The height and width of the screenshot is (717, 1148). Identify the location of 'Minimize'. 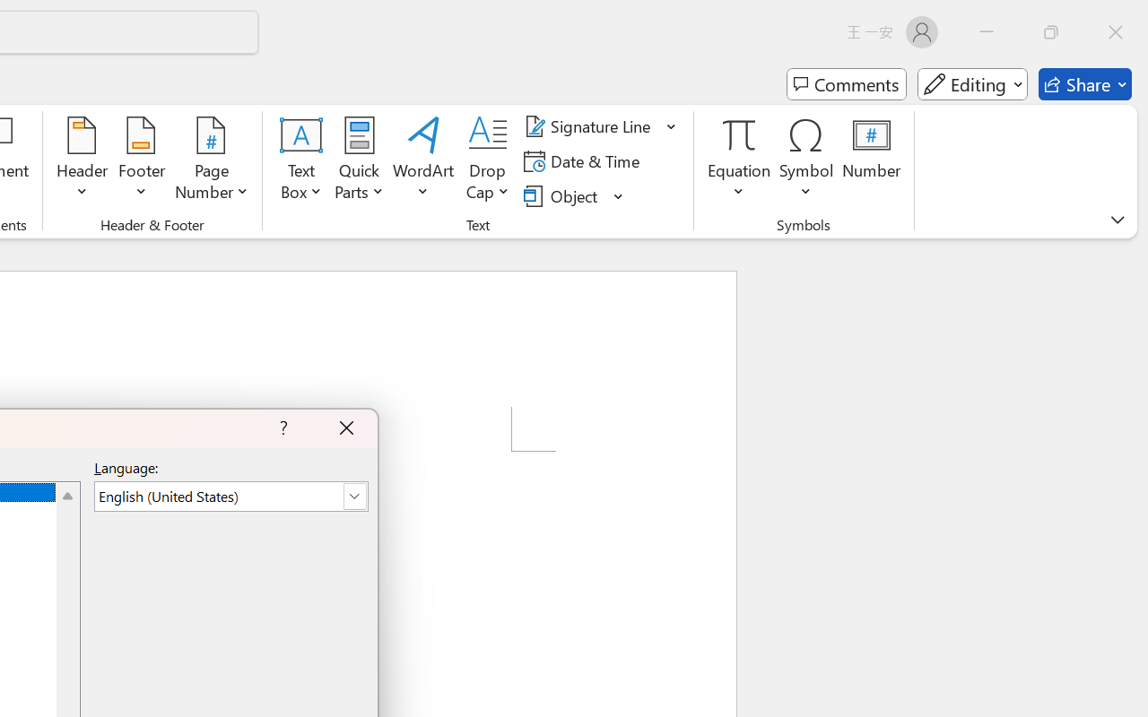
(986, 31).